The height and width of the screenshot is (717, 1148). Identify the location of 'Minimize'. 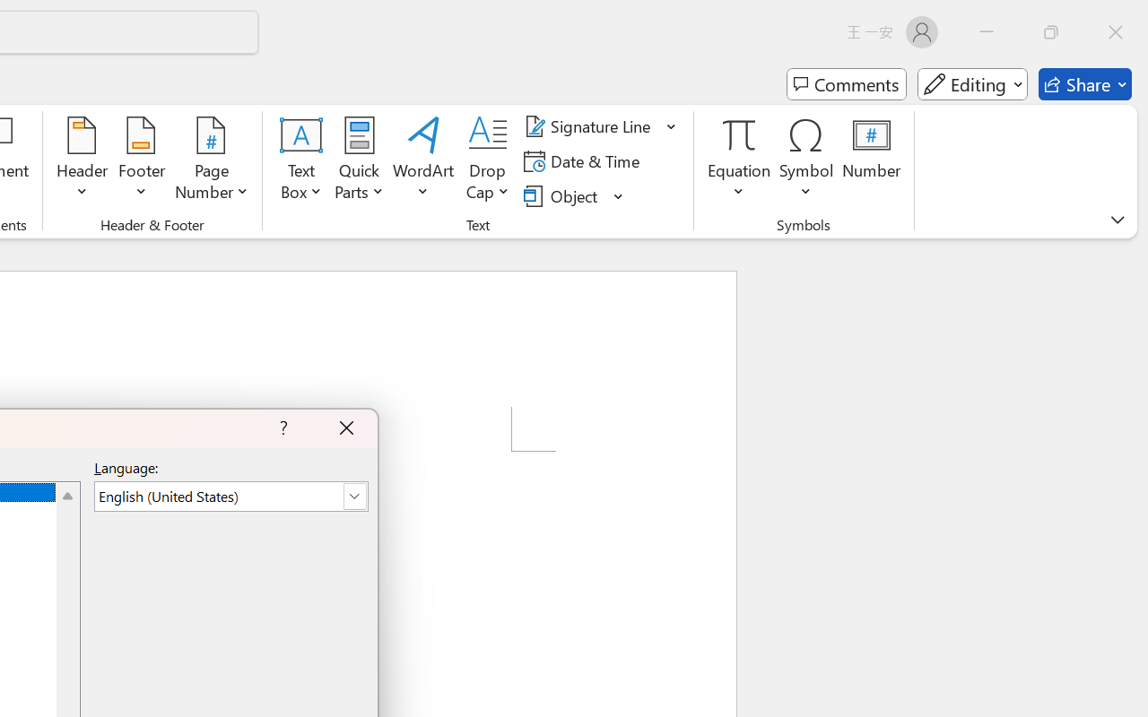
(986, 31).